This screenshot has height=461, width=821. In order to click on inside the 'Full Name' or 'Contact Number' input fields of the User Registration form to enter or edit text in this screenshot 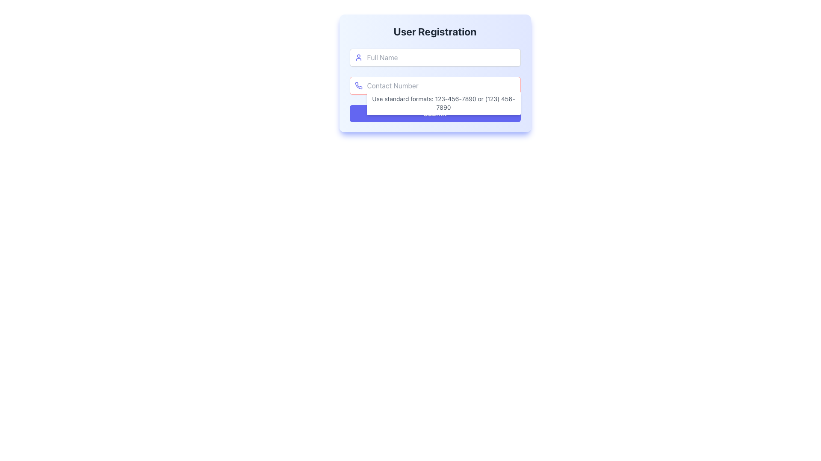, I will do `click(435, 73)`.